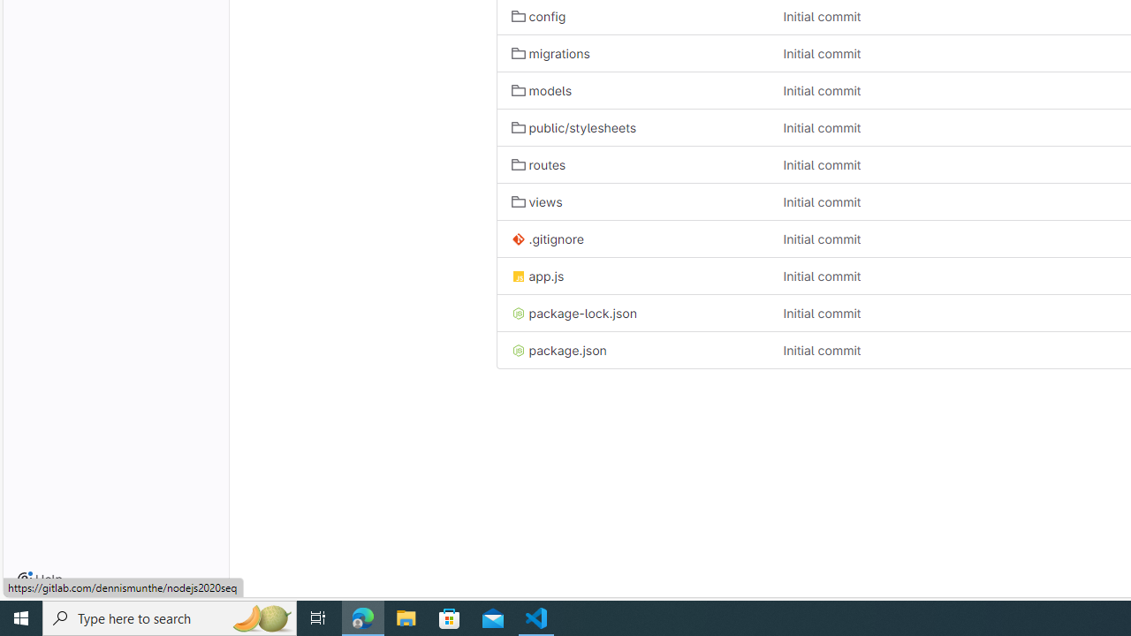 Image resolution: width=1131 pixels, height=636 pixels. What do you see at coordinates (537, 164) in the screenshot?
I see `'routes'` at bounding box center [537, 164].